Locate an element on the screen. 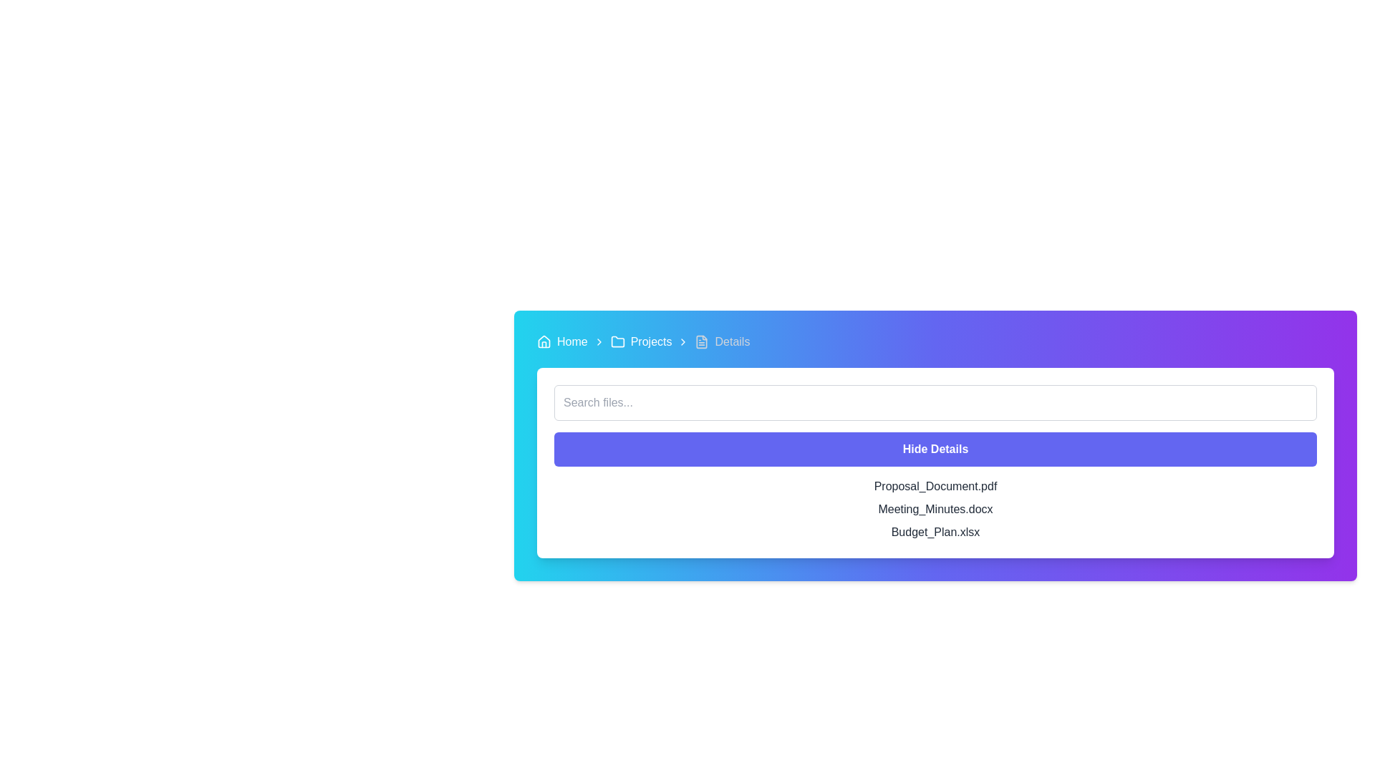  the second chevron icon in the breadcrumb navigation bar is located at coordinates (682, 342).